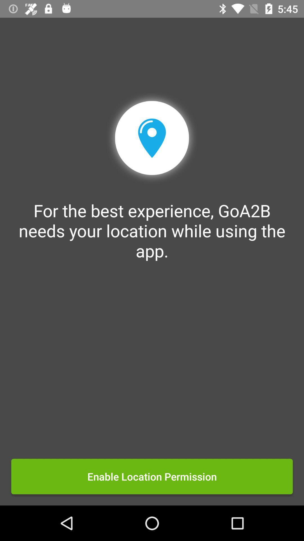  What do you see at coordinates (152, 476) in the screenshot?
I see `icon below for the best item` at bounding box center [152, 476].